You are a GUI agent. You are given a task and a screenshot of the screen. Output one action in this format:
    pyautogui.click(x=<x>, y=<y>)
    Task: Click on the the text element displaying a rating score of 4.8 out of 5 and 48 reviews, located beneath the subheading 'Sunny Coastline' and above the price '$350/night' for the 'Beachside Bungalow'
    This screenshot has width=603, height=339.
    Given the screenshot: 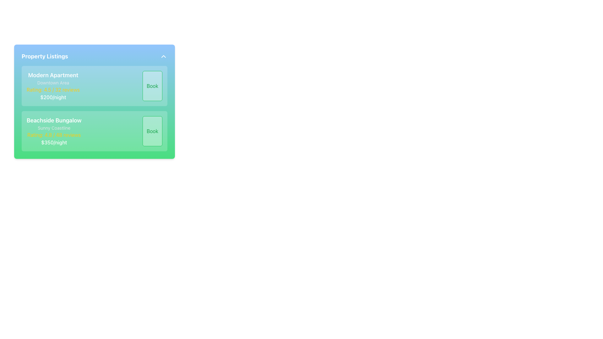 What is the action you would take?
    pyautogui.click(x=54, y=134)
    